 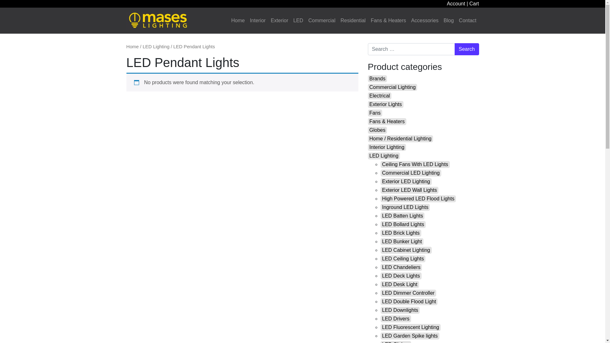 I want to click on 'Search', so click(x=467, y=49).